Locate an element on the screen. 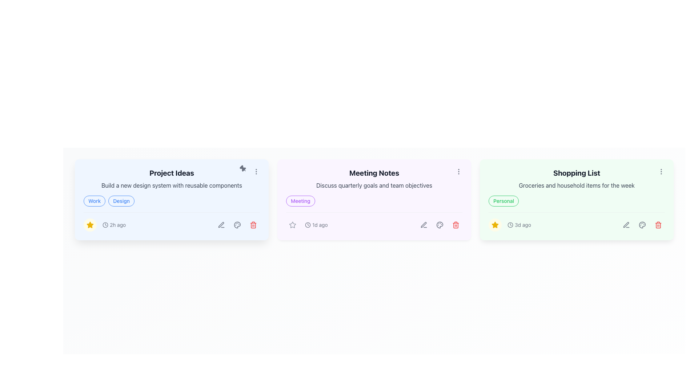 This screenshot has height=392, width=698. the text '1d ago' accompanied by a clock icon, located at the bottom-left of the 'Meeting Notes' card is located at coordinates (316, 225).